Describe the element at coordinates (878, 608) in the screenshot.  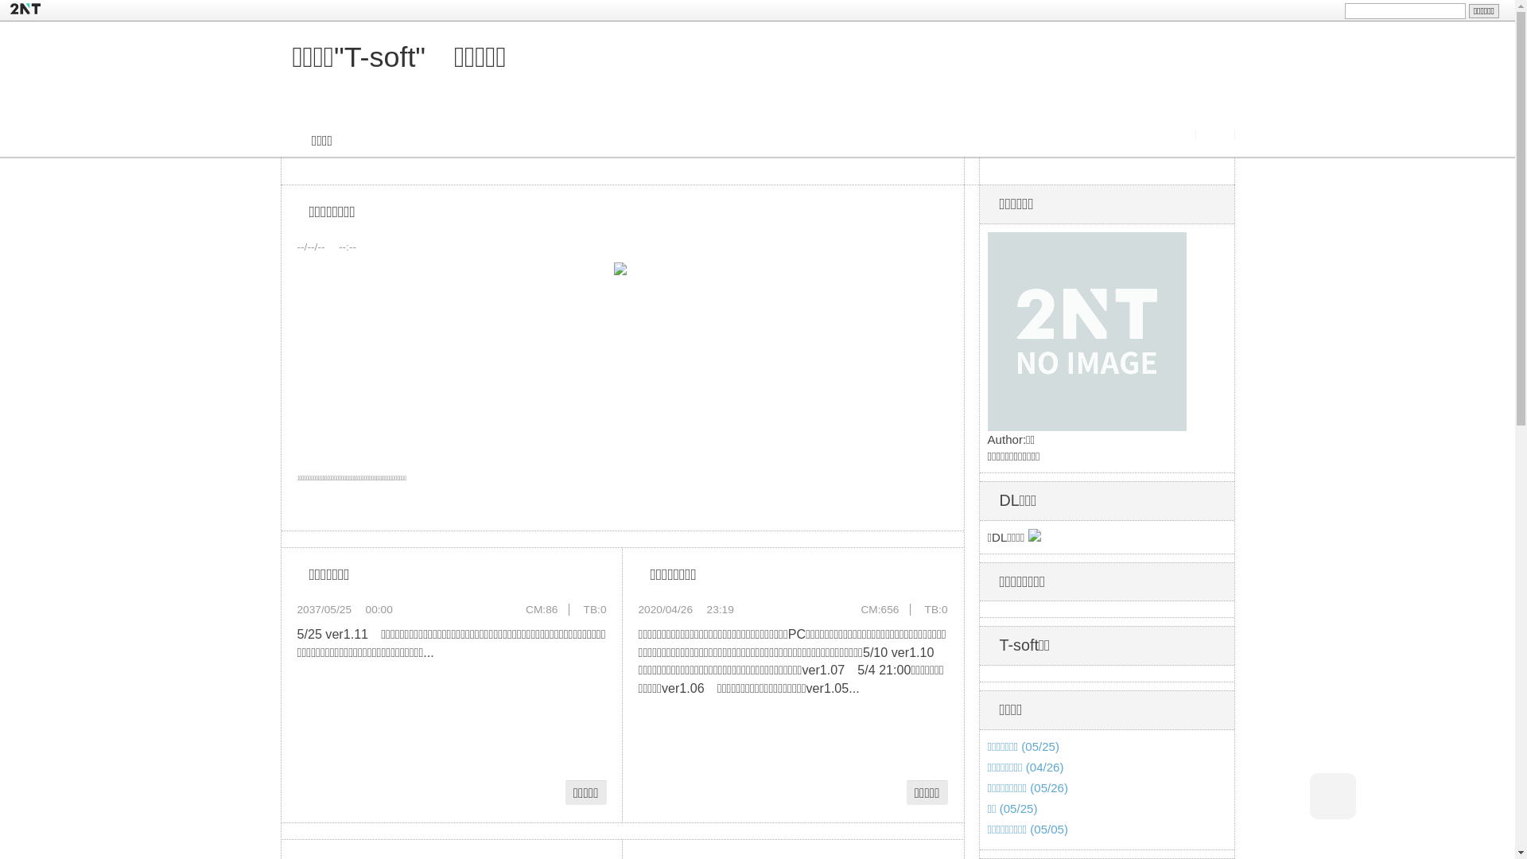
I see `'CM:656'` at that location.